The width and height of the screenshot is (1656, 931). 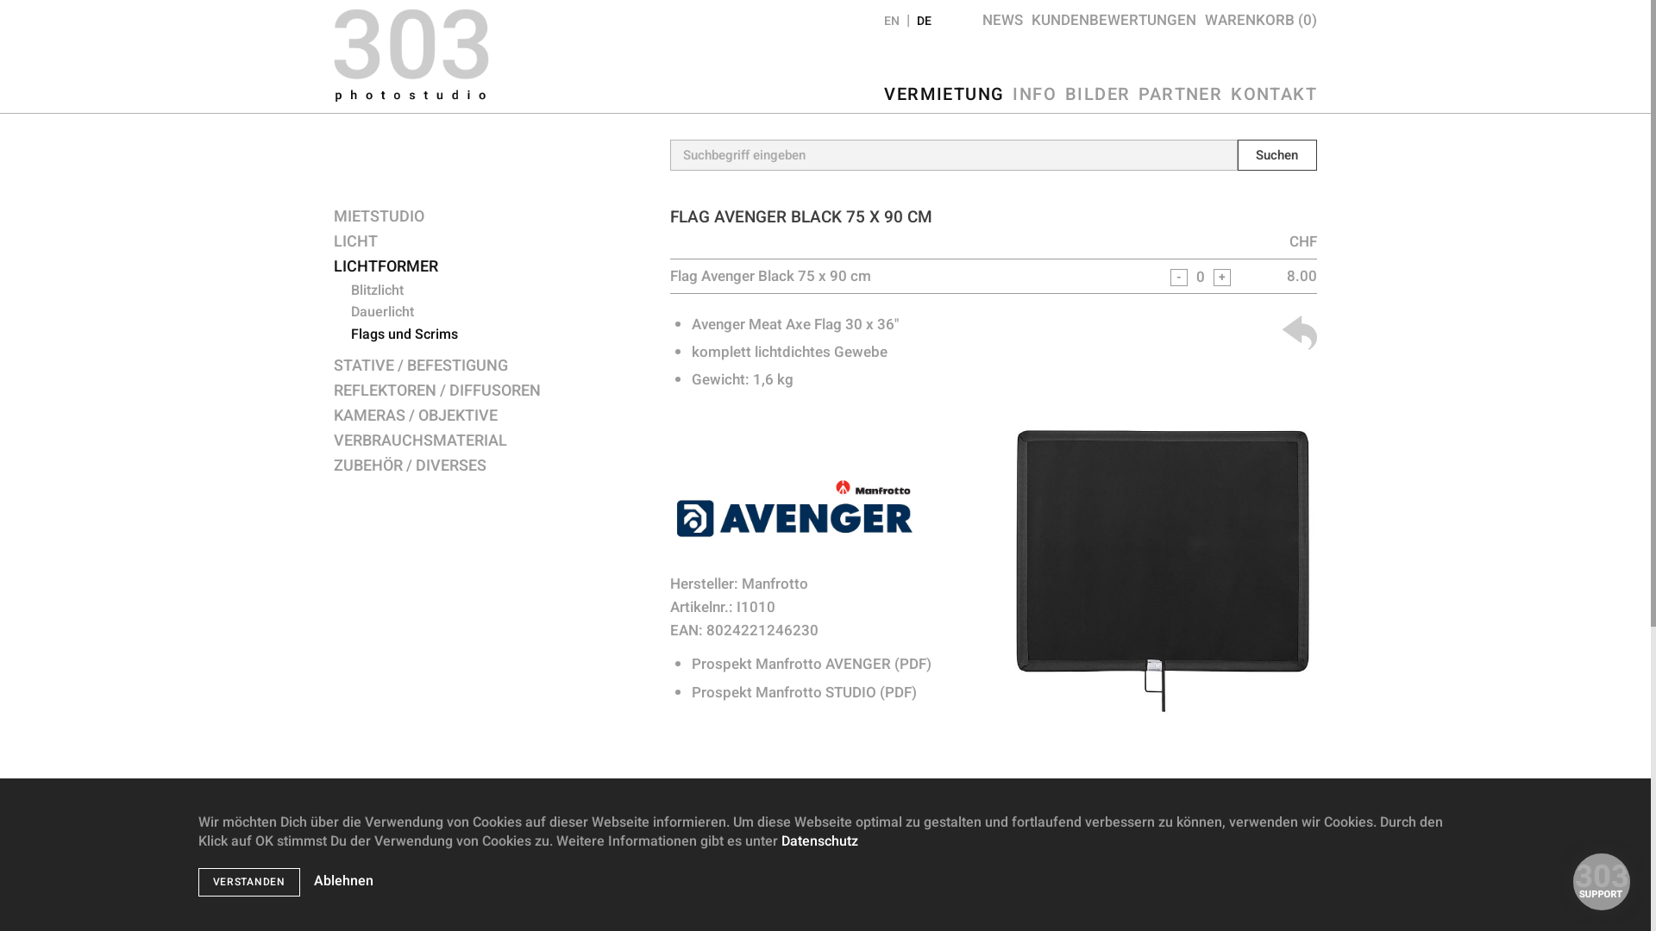 I want to click on 'VERSTANDEN', so click(x=248, y=882).